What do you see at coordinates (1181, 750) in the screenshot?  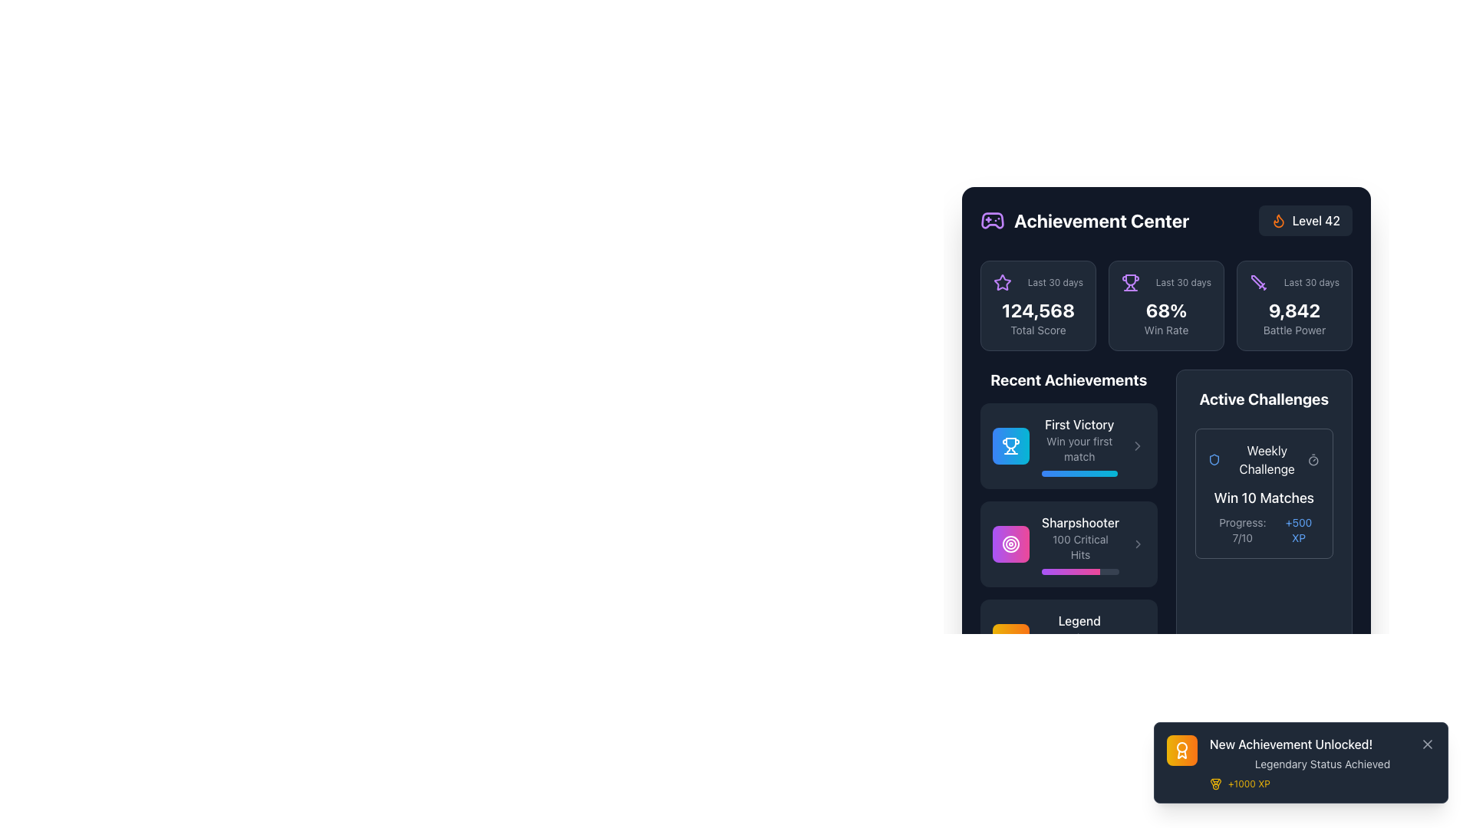 I see `the achievement icon in the bottom right pop-up notification that indicates 'New Achievement Unlocked!'` at bounding box center [1181, 750].